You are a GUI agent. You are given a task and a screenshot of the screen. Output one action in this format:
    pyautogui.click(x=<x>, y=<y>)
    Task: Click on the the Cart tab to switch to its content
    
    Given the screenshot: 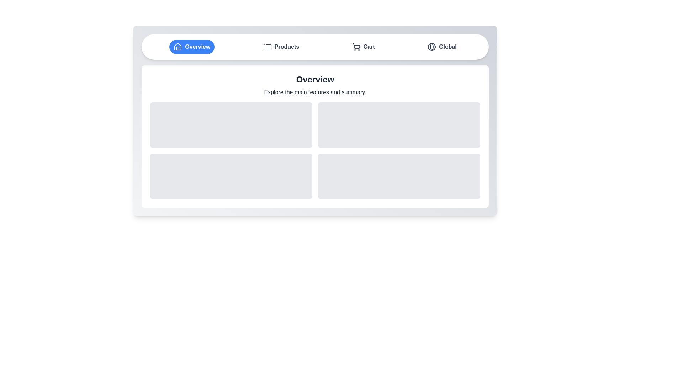 What is the action you would take?
    pyautogui.click(x=363, y=47)
    